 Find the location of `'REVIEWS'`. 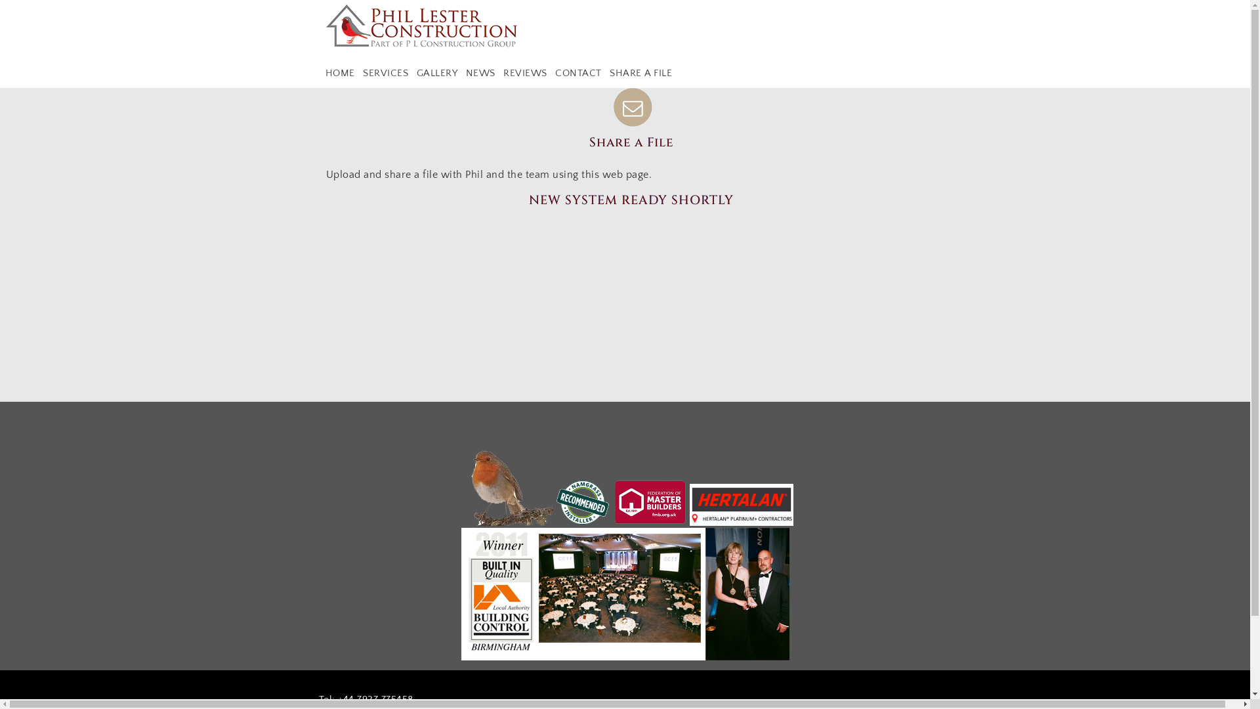

'REVIEWS' is located at coordinates (525, 73).